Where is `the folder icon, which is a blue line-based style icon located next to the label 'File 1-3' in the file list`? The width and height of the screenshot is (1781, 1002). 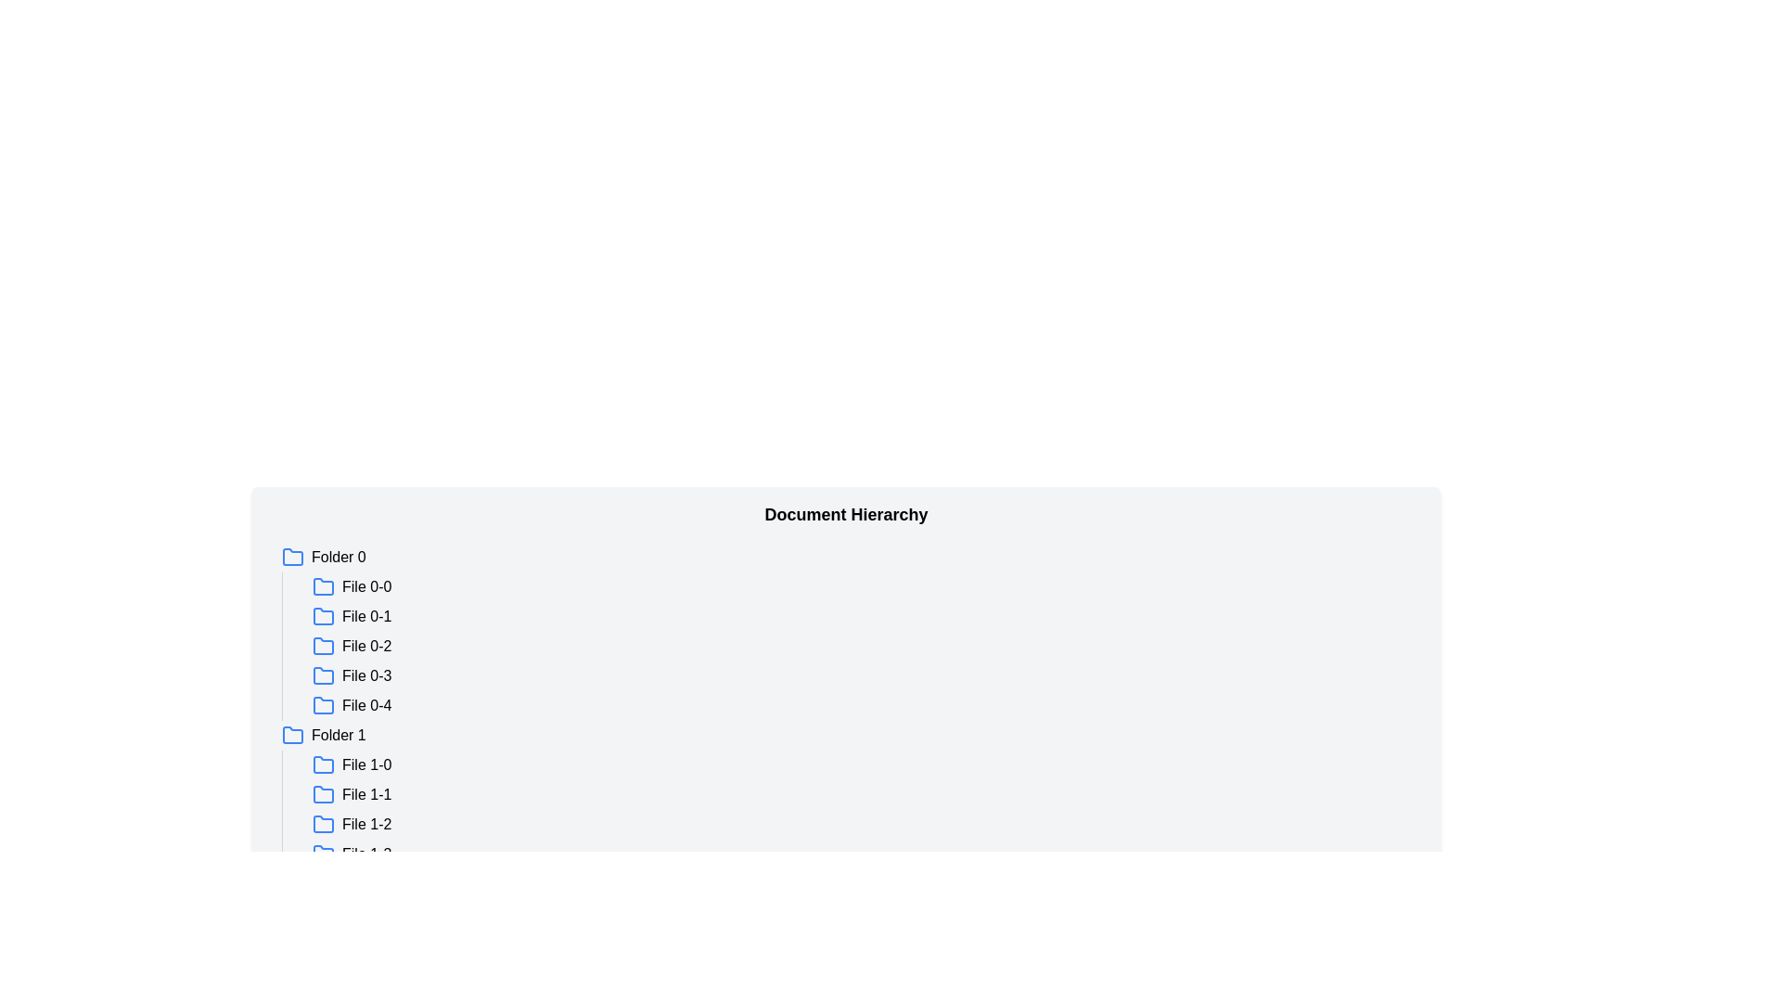 the folder icon, which is a blue line-based style icon located next to the label 'File 1-3' in the file list is located at coordinates (324, 854).